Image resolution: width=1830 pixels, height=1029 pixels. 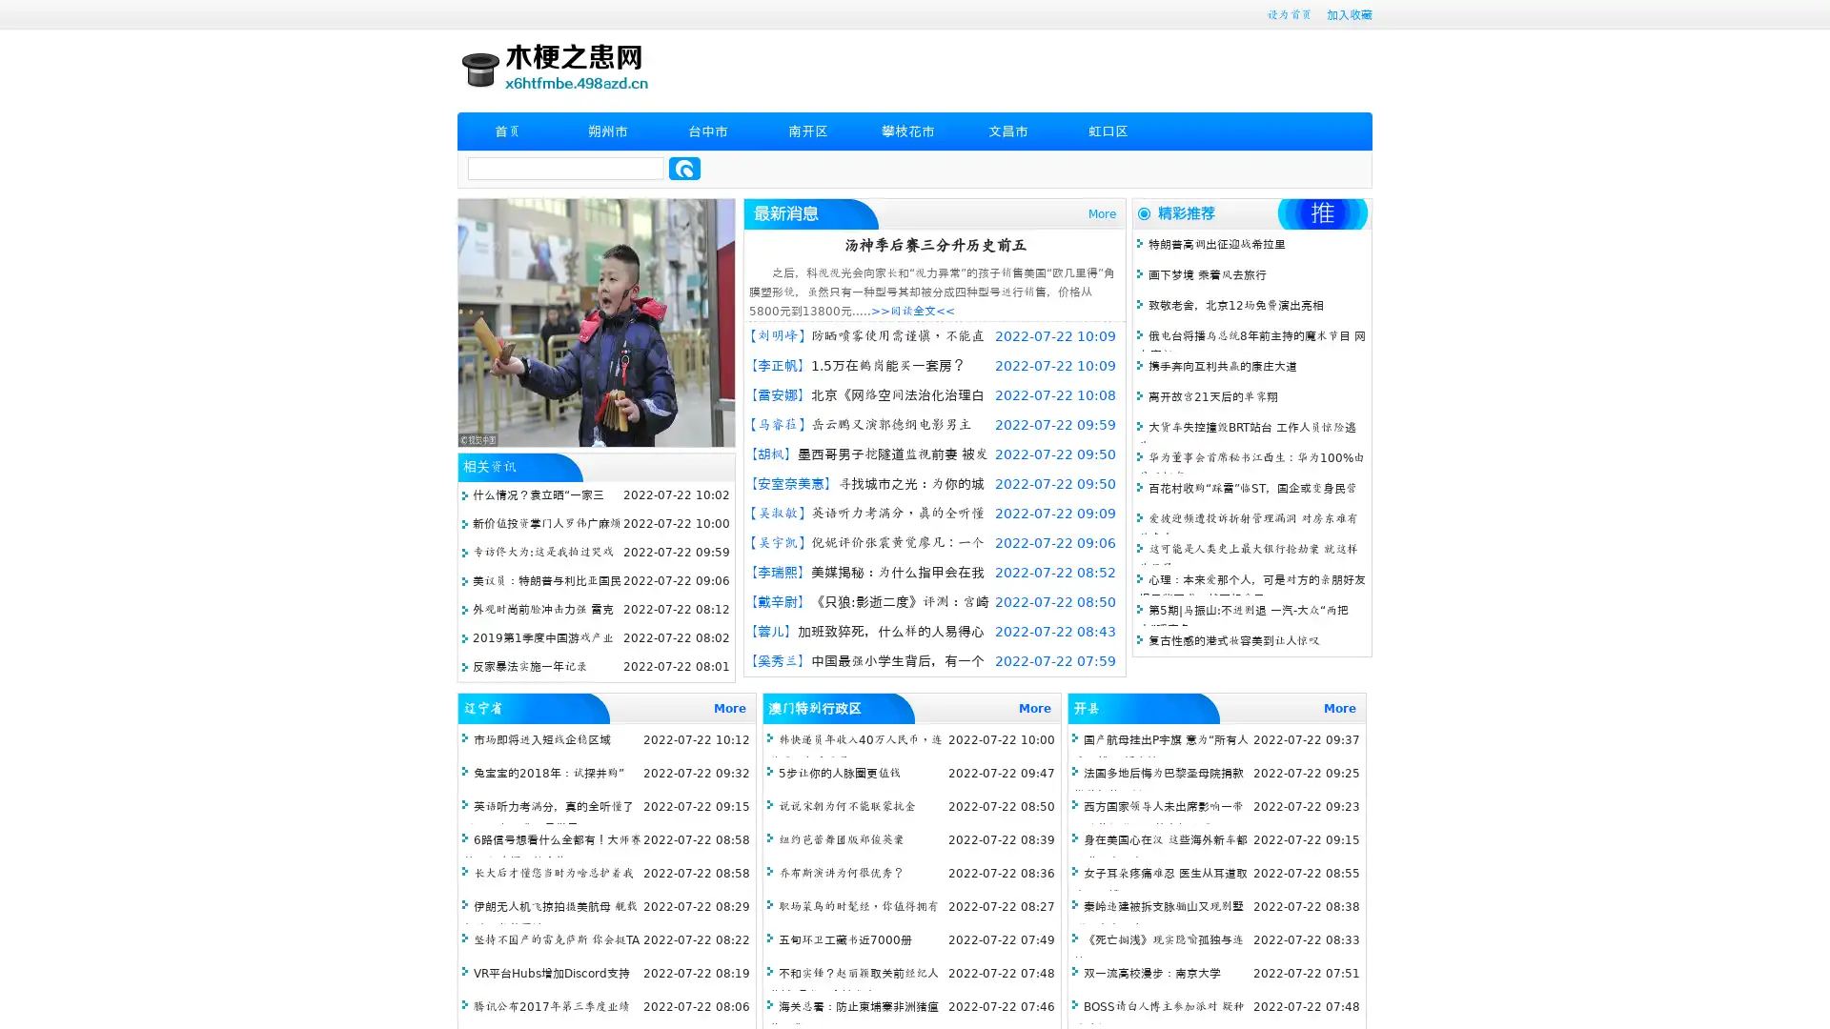 What do you see at coordinates (684, 168) in the screenshot?
I see `Search` at bounding box center [684, 168].